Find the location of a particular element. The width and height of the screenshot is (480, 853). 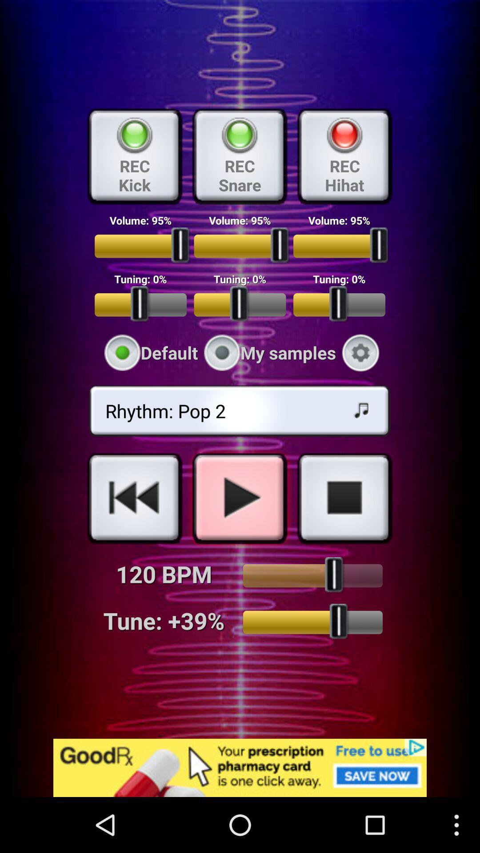

go back is located at coordinates (135, 498).